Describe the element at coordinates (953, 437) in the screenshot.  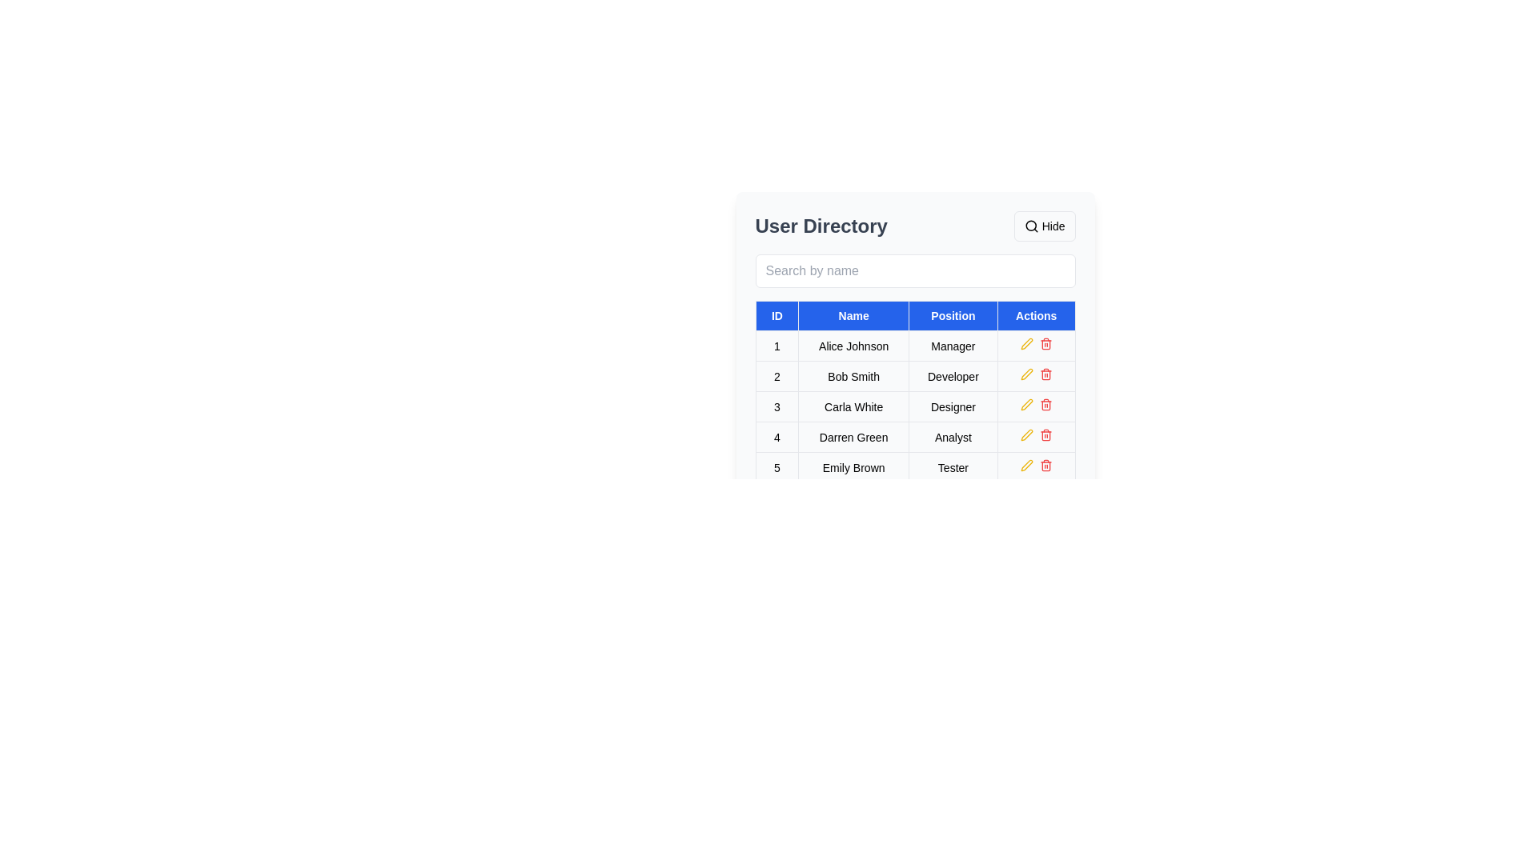
I see `the static text label displaying 'Analyst', which is positioned in the fourth row of the 'Position' column within the user directory table, adjacent to 'Darren Green' on the left and the 'Actions' column on the right` at that location.